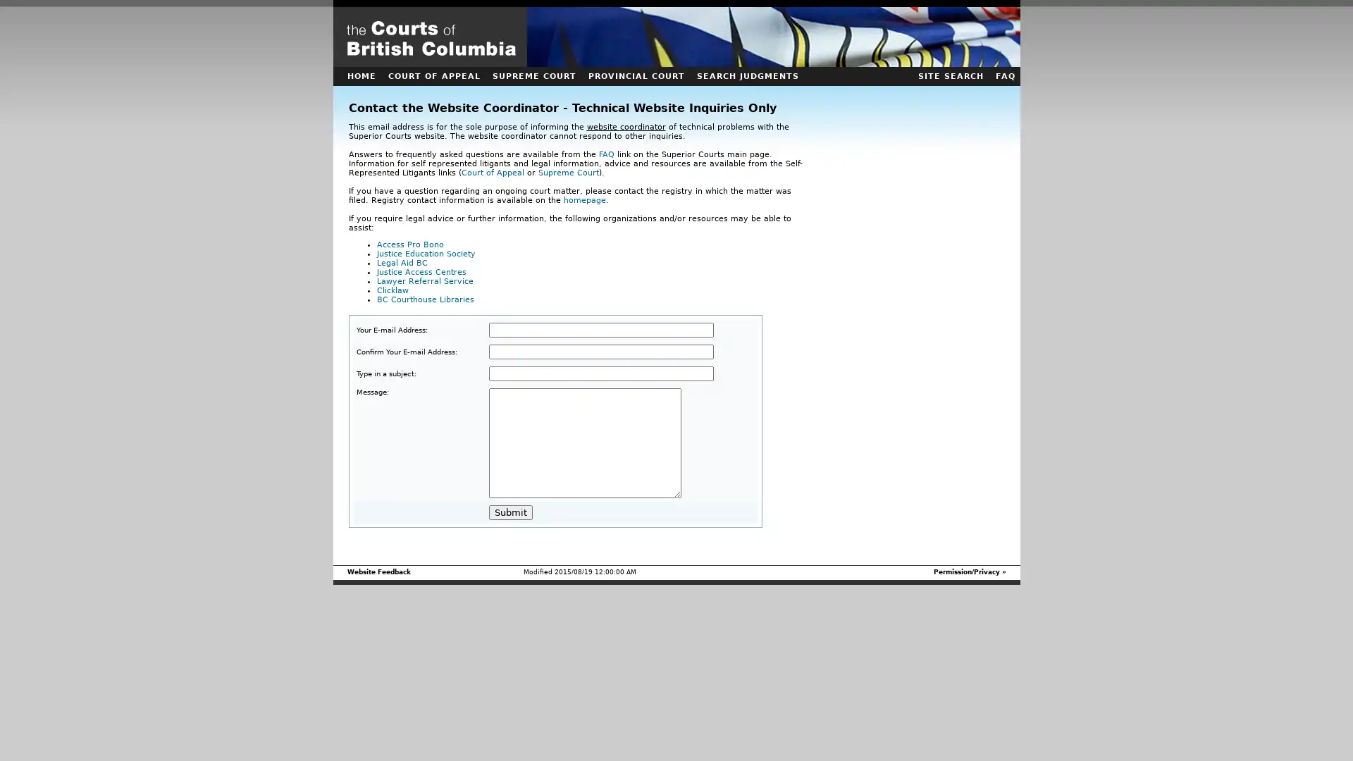 This screenshot has height=761, width=1353. Describe the element at coordinates (509, 512) in the screenshot. I see `Submit` at that location.